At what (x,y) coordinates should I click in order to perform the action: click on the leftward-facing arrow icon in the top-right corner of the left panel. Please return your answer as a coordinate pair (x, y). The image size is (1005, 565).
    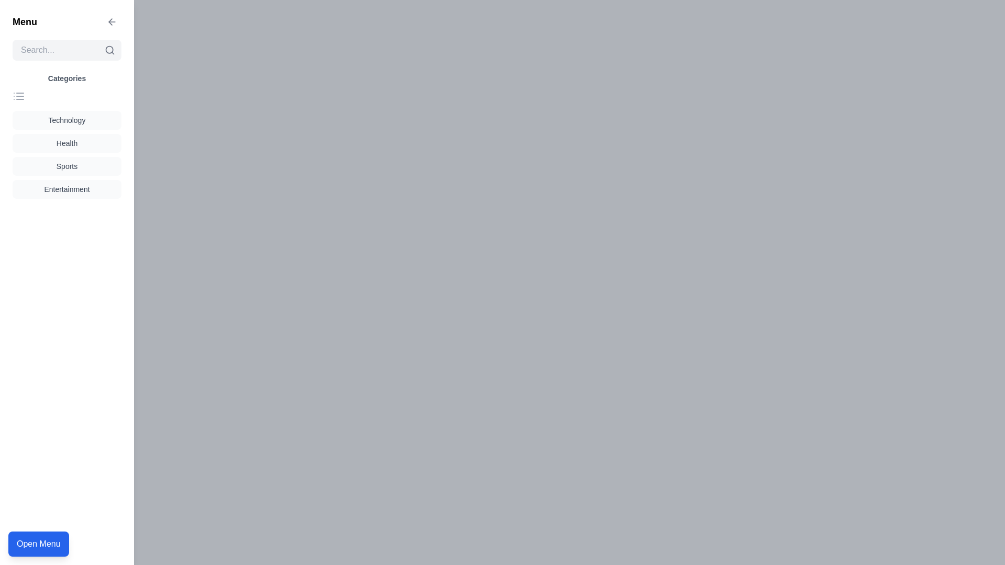
    Looking at the image, I should click on (112, 22).